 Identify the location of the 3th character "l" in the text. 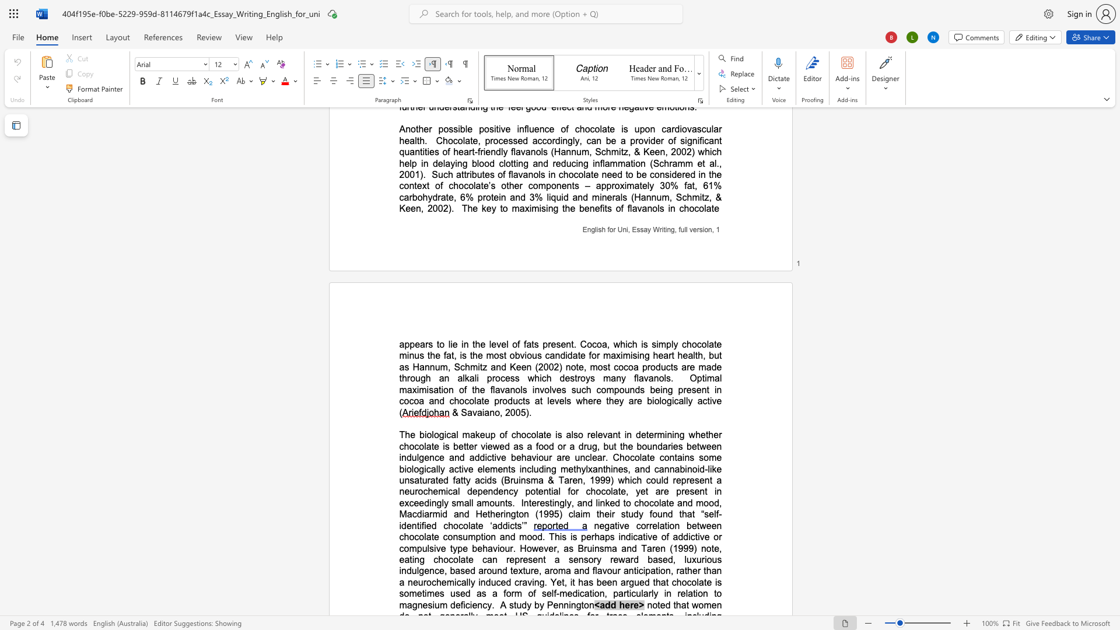
(507, 344).